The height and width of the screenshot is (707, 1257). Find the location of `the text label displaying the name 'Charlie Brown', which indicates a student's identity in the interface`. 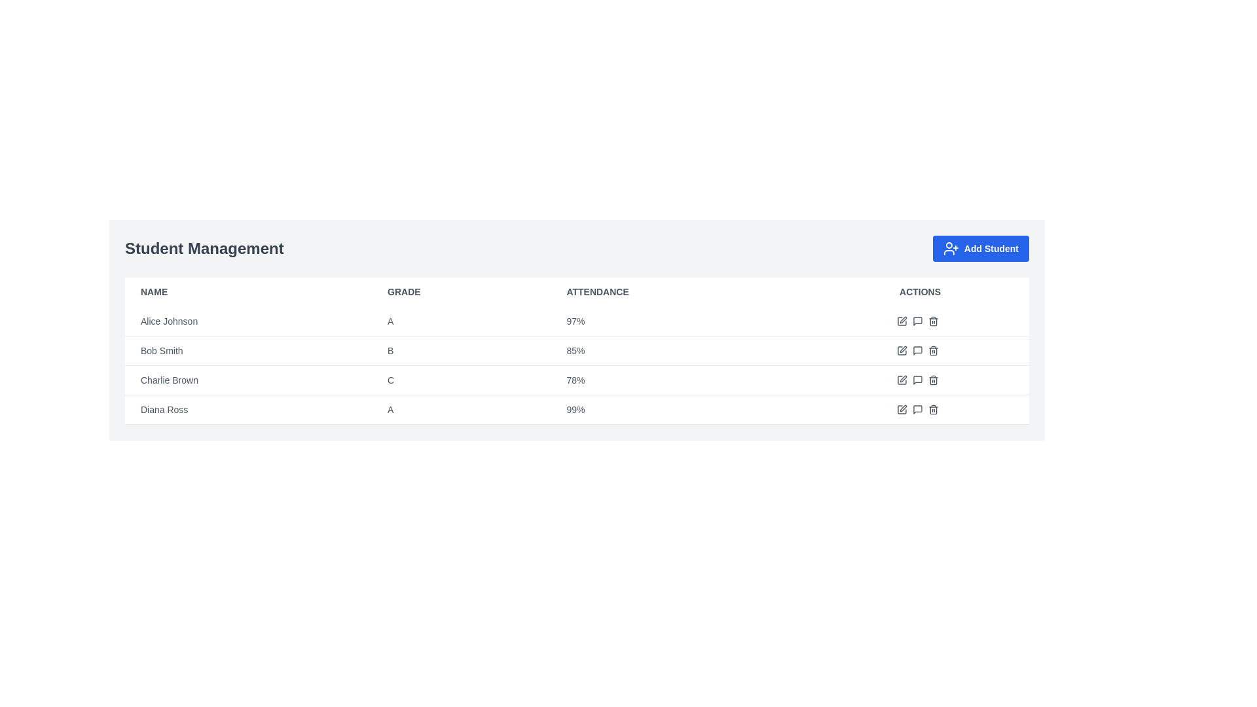

the text label displaying the name 'Charlie Brown', which indicates a student's identity in the interface is located at coordinates (169, 380).